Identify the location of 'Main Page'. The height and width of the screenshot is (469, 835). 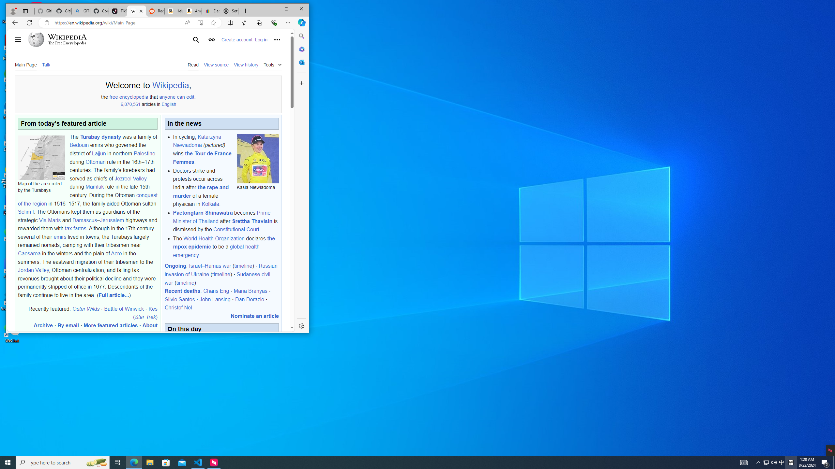
(25, 64).